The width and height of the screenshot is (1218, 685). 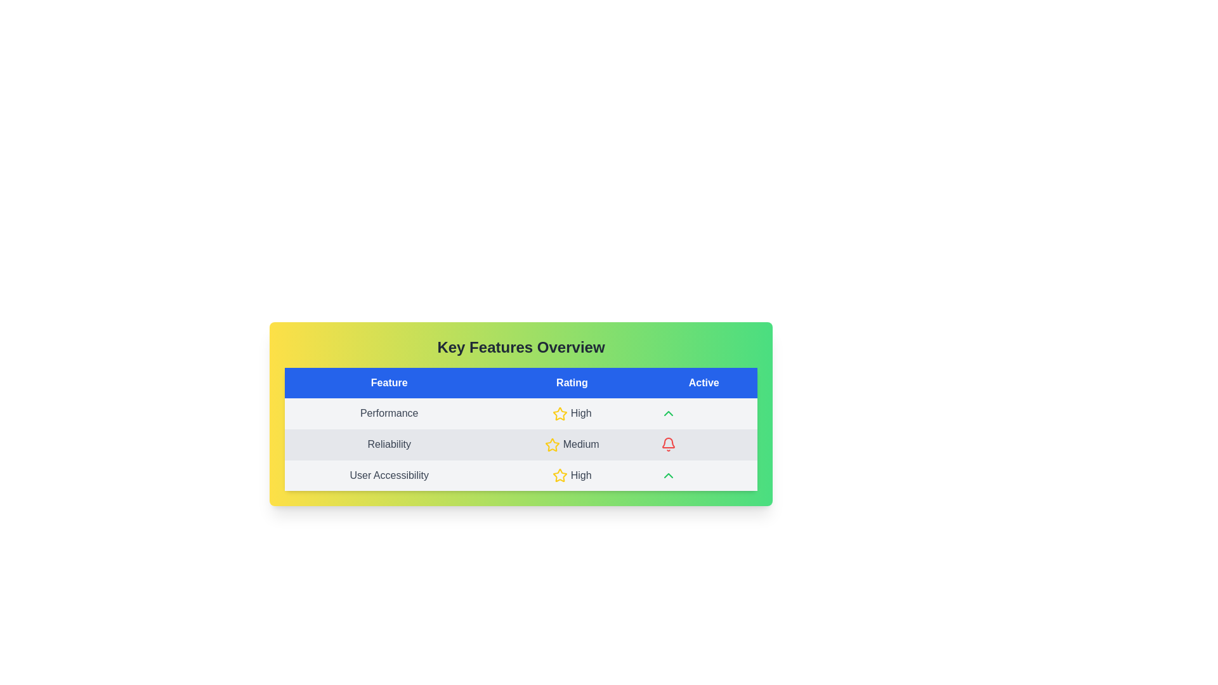 What do you see at coordinates (572, 444) in the screenshot?
I see `the 'Medium' label with a star icon, located in the second row under the 'Rating' column, positioned between the 'Reliability' label and the 'Active' column content` at bounding box center [572, 444].